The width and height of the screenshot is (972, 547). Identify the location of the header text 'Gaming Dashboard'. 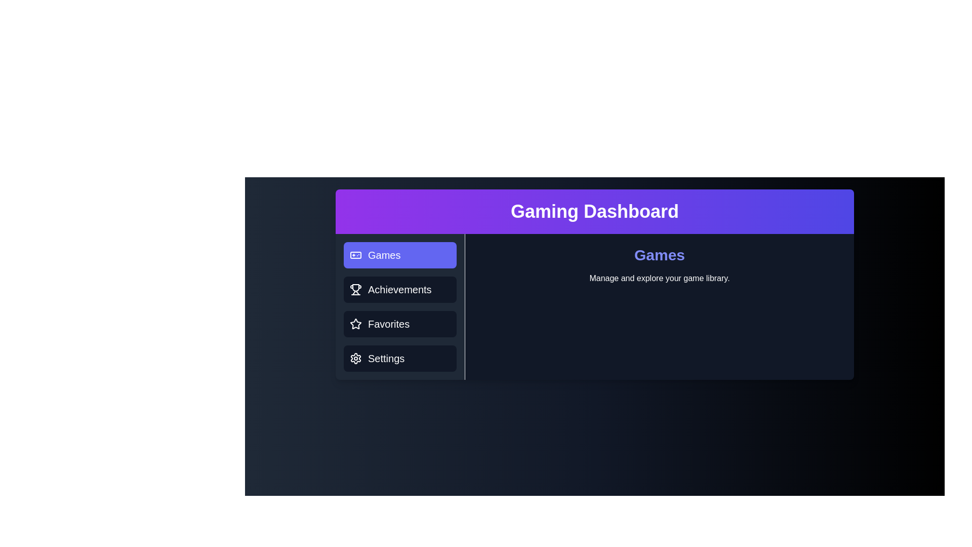
(595, 211).